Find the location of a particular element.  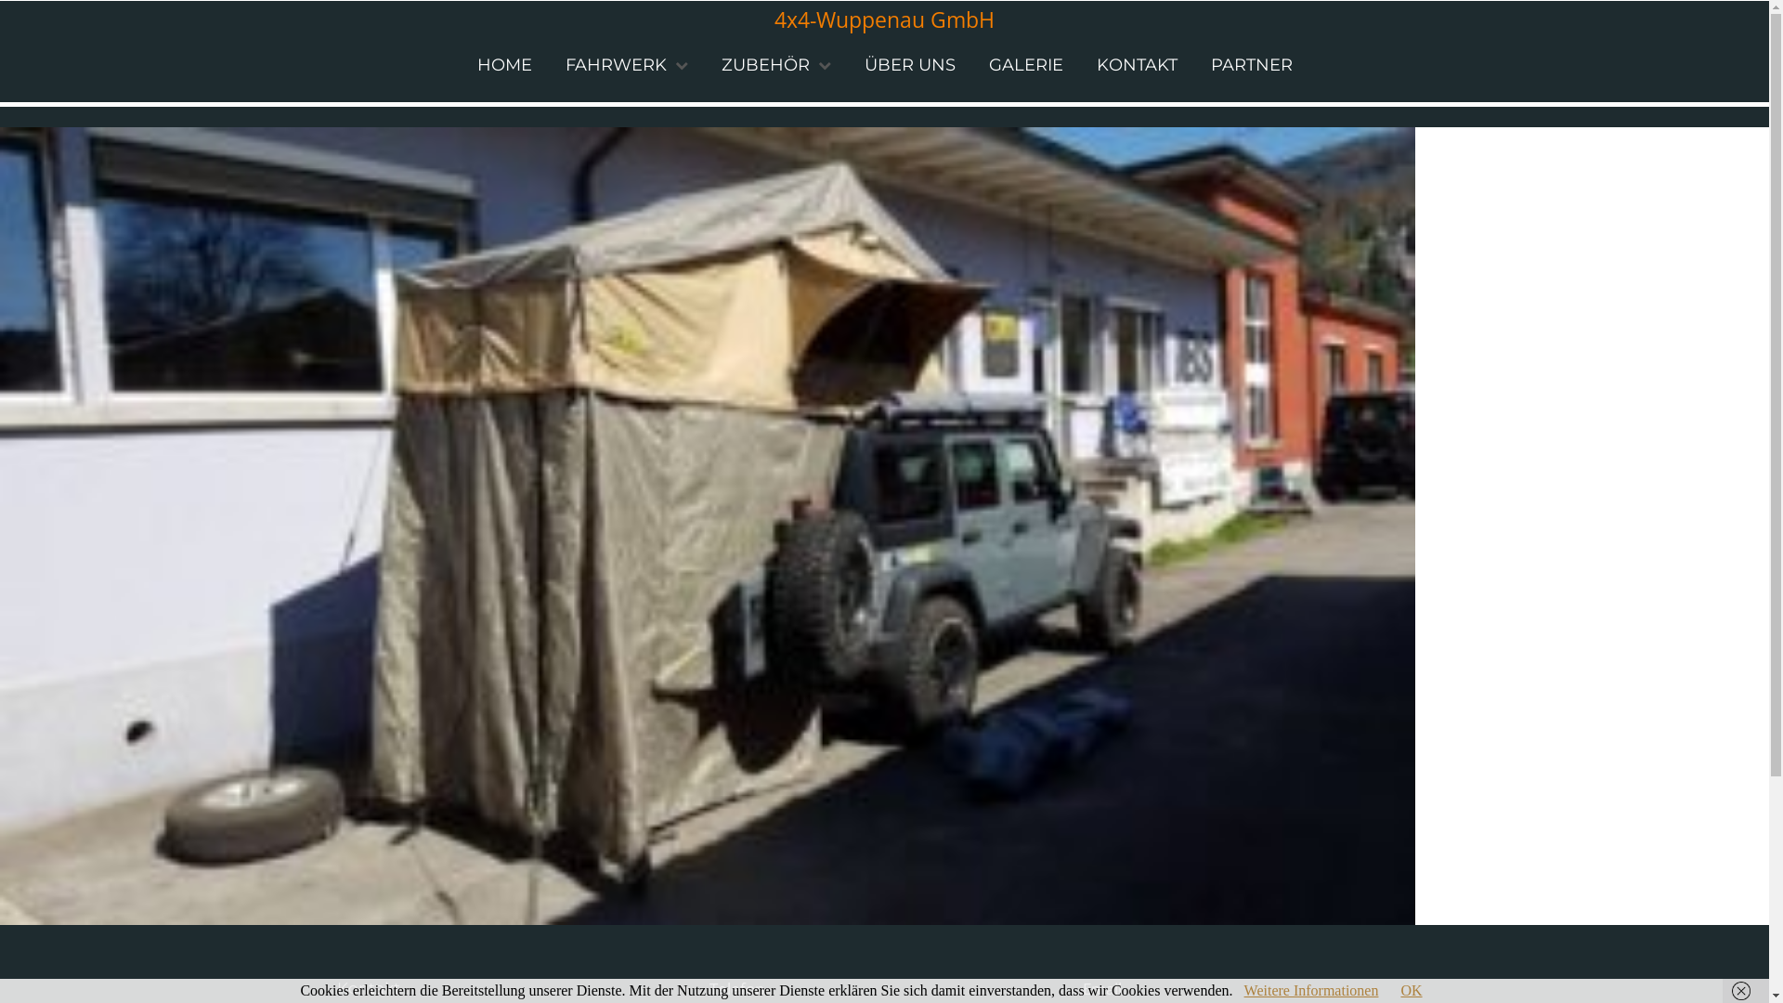

'OK' is located at coordinates (1411, 989).